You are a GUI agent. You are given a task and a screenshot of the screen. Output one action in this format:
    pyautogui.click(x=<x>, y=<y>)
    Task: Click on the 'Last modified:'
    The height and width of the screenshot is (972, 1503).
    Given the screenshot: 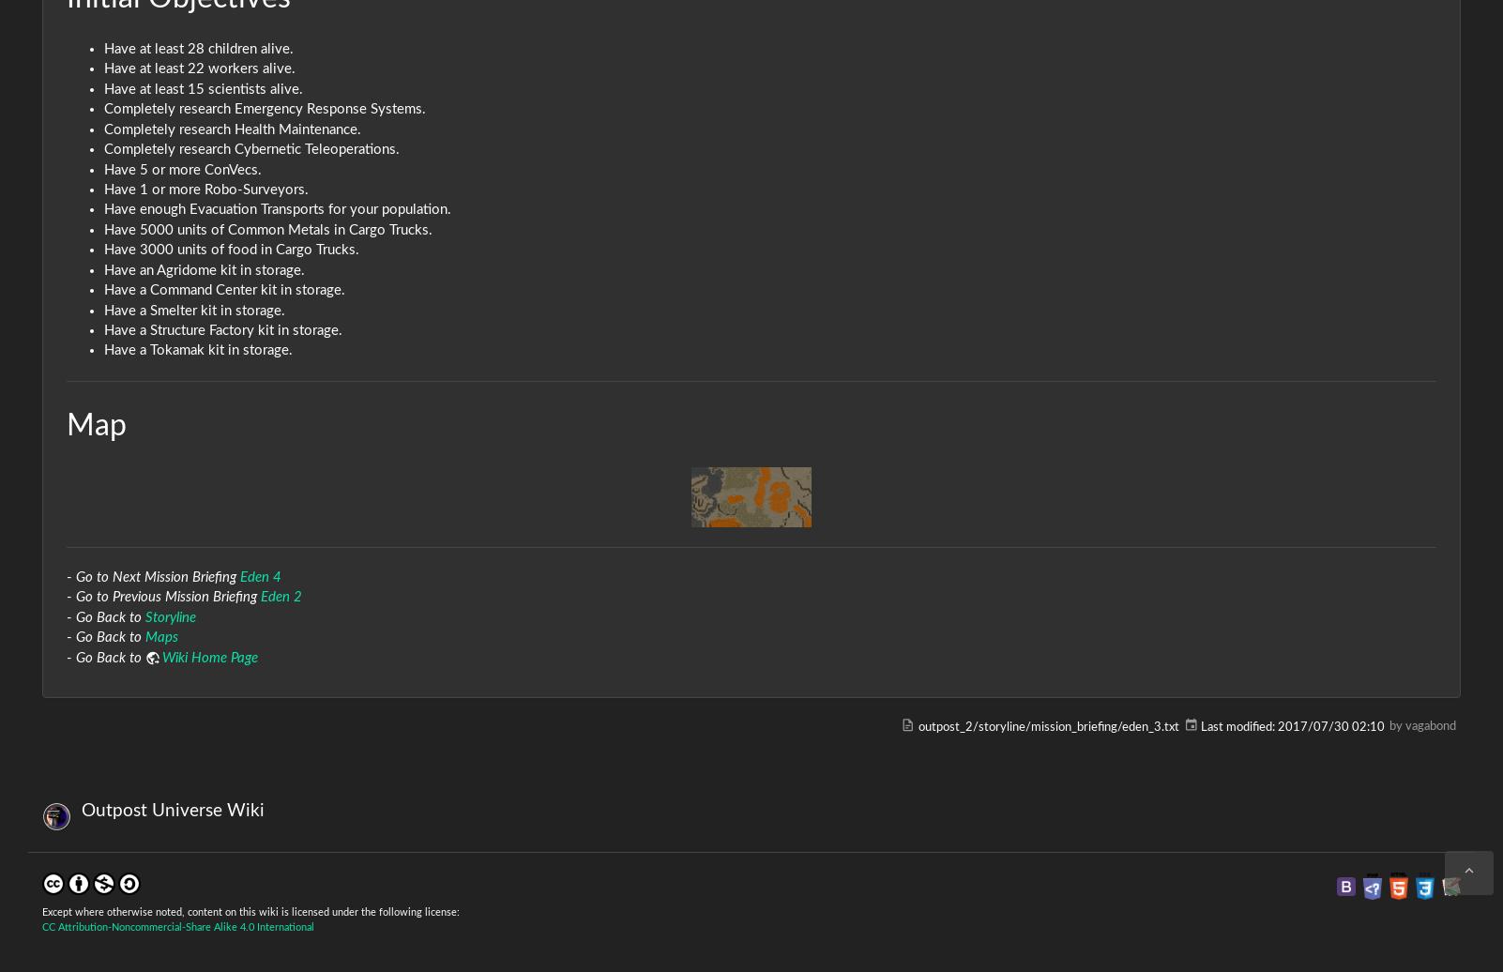 What is the action you would take?
    pyautogui.click(x=1237, y=726)
    